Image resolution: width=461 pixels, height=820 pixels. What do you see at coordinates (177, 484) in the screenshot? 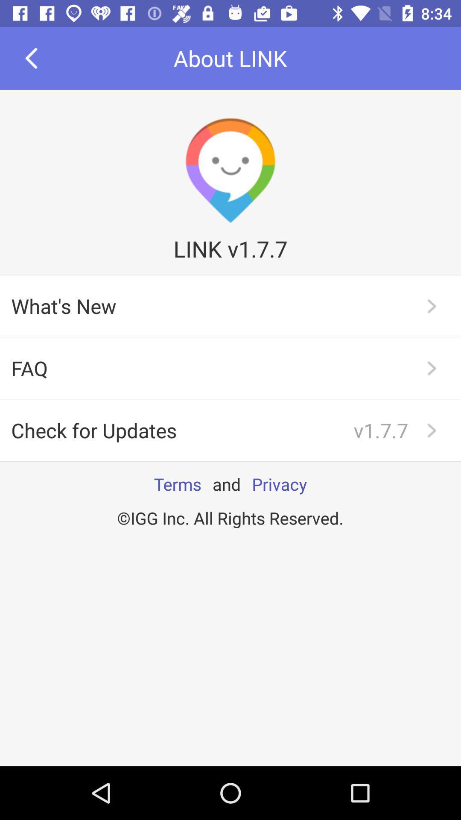
I see `the terms app` at bounding box center [177, 484].